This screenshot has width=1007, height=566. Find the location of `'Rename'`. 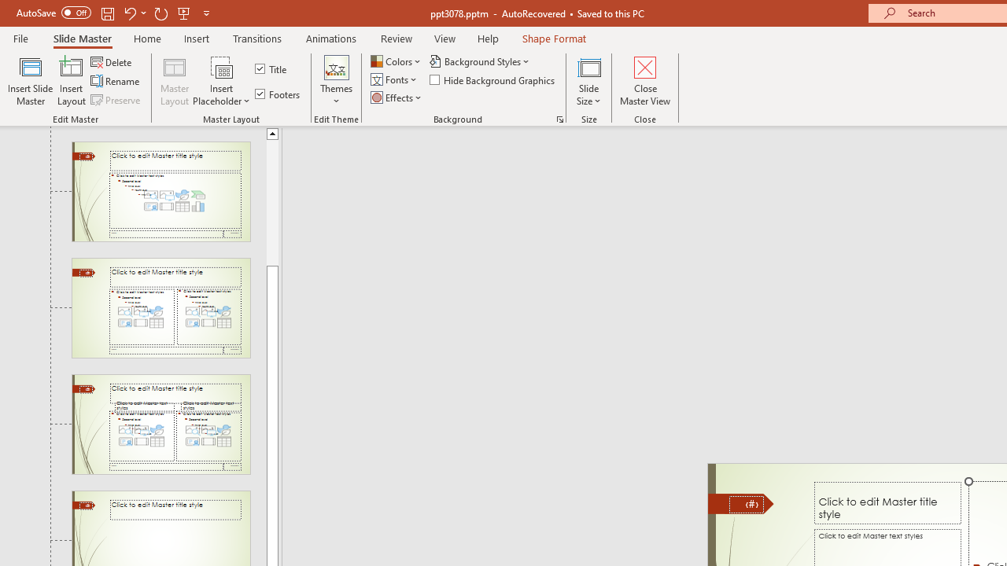

'Rename' is located at coordinates (116, 81).